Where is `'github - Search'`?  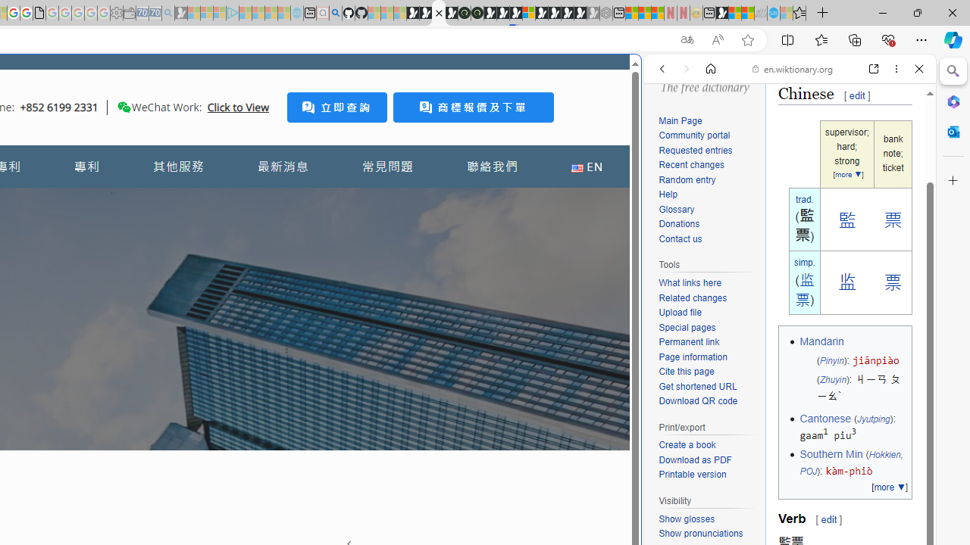 'github - Search' is located at coordinates (334, 13).